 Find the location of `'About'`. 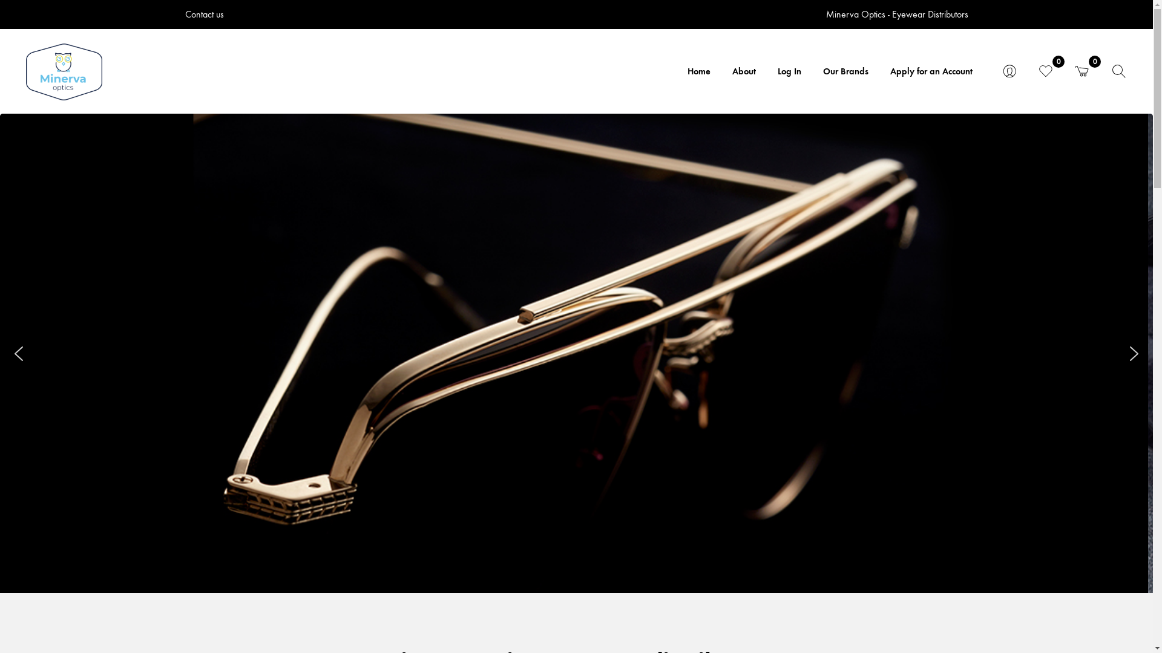

'About' is located at coordinates (743, 72).